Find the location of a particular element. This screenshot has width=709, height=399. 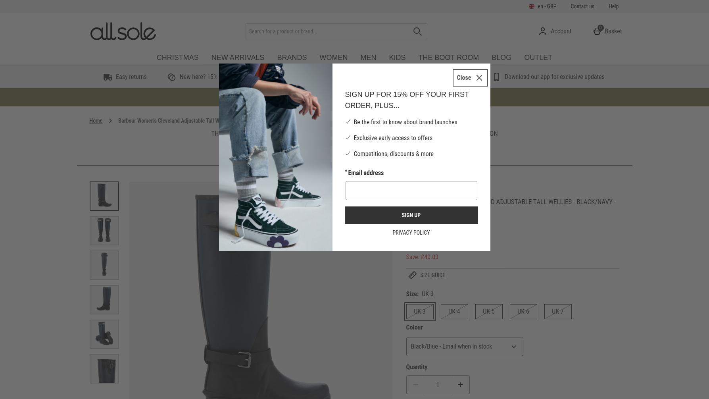

'Save:' is located at coordinates (413, 256).